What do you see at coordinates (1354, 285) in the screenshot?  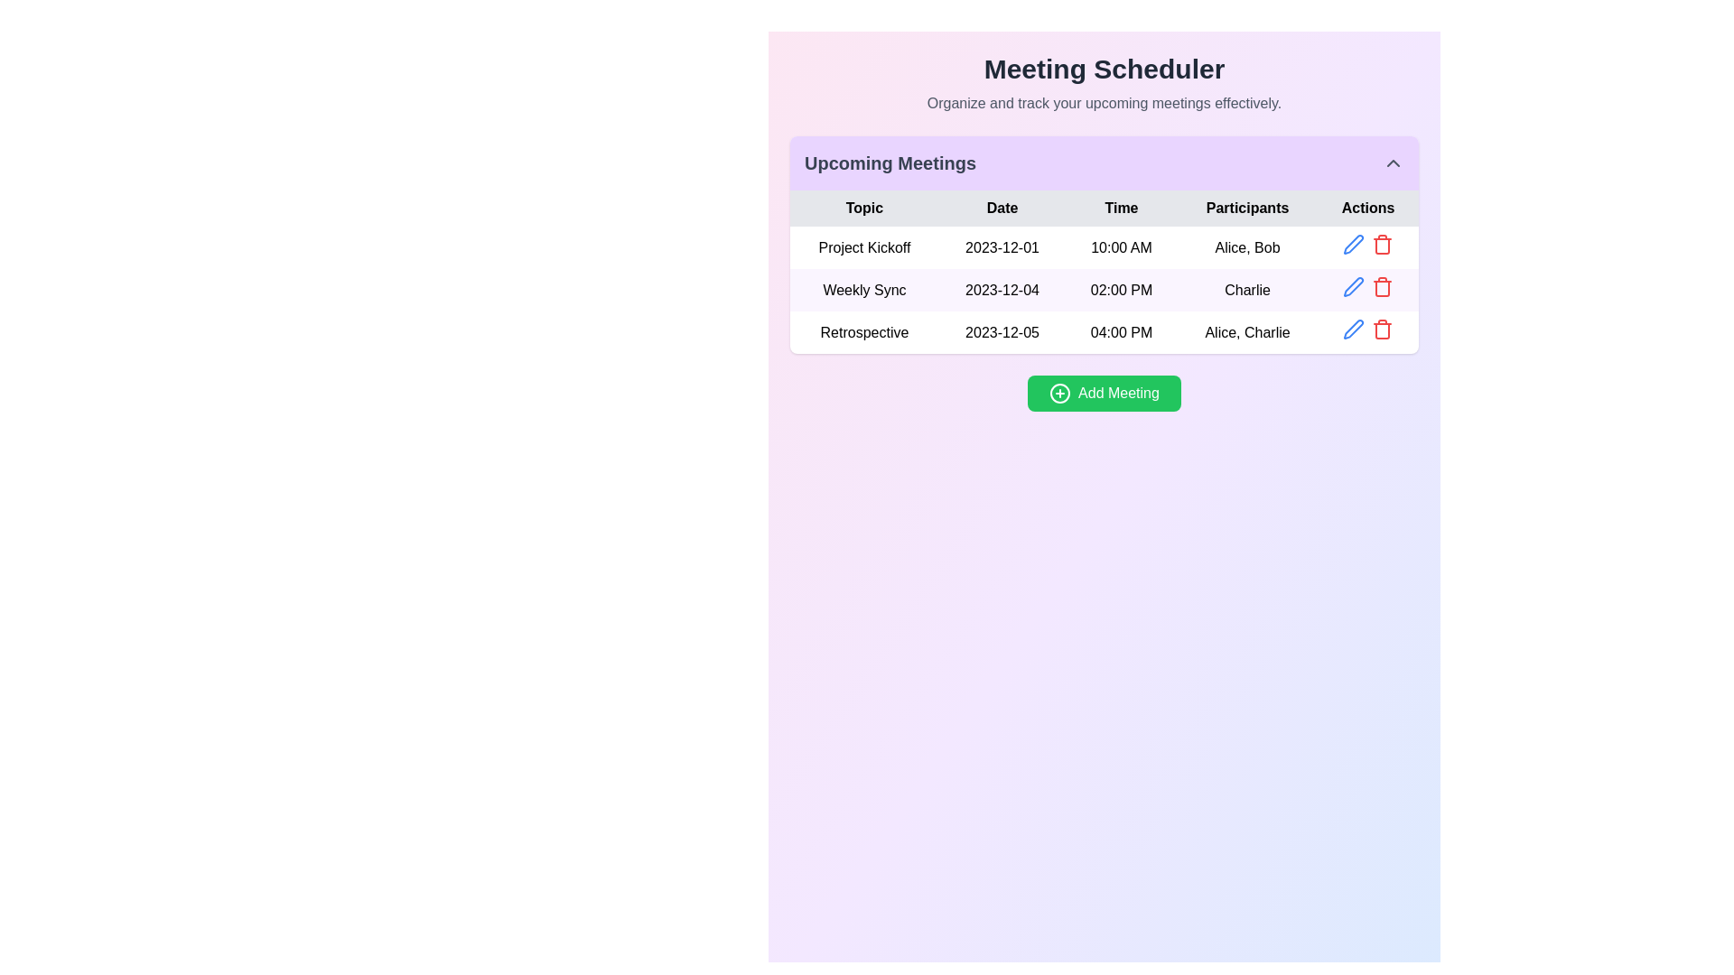 I see `the blue pen icon button in the second row of the 'Actions' column in the 'Upcoming Meetings' table` at bounding box center [1354, 285].